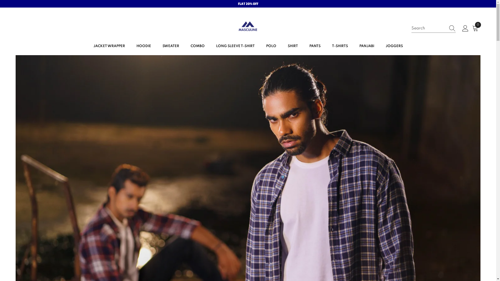  Describe the element at coordinates (109, 46) in the screenshot. I see `'JACKET WRAPPER'` at that location.